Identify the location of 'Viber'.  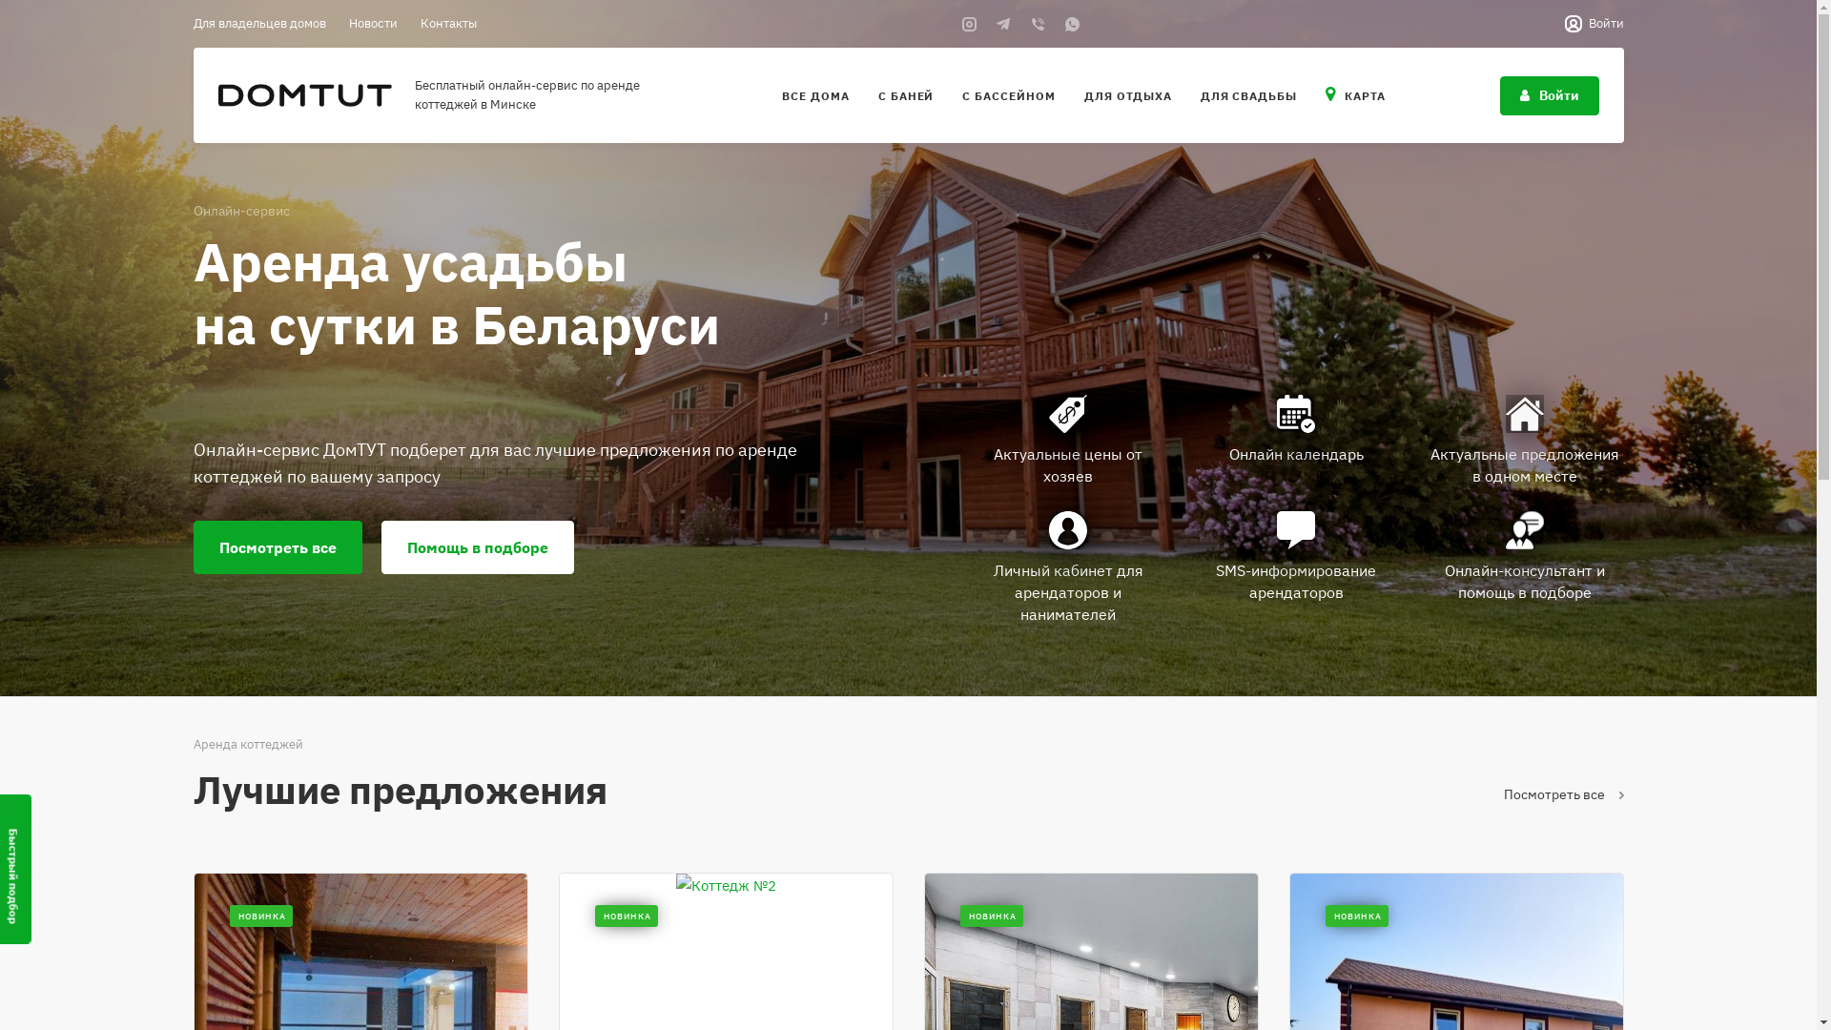
(1037, 23).